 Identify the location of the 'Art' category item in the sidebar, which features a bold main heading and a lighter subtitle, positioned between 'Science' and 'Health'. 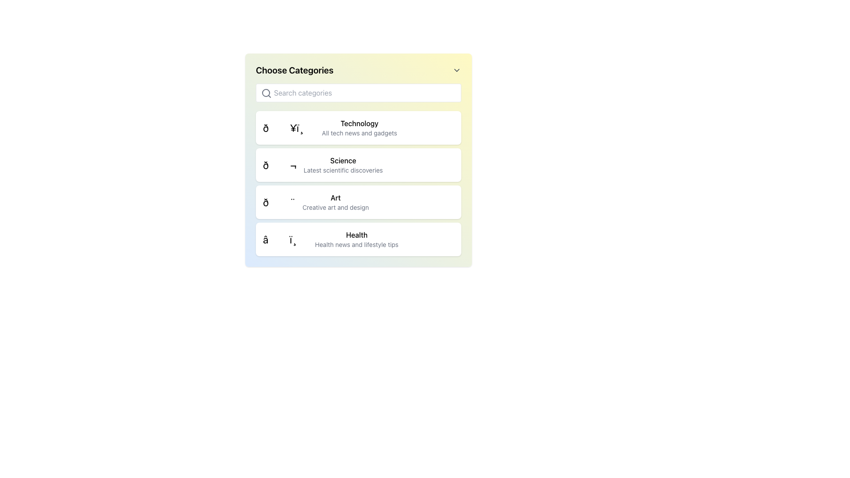
(335, 202).